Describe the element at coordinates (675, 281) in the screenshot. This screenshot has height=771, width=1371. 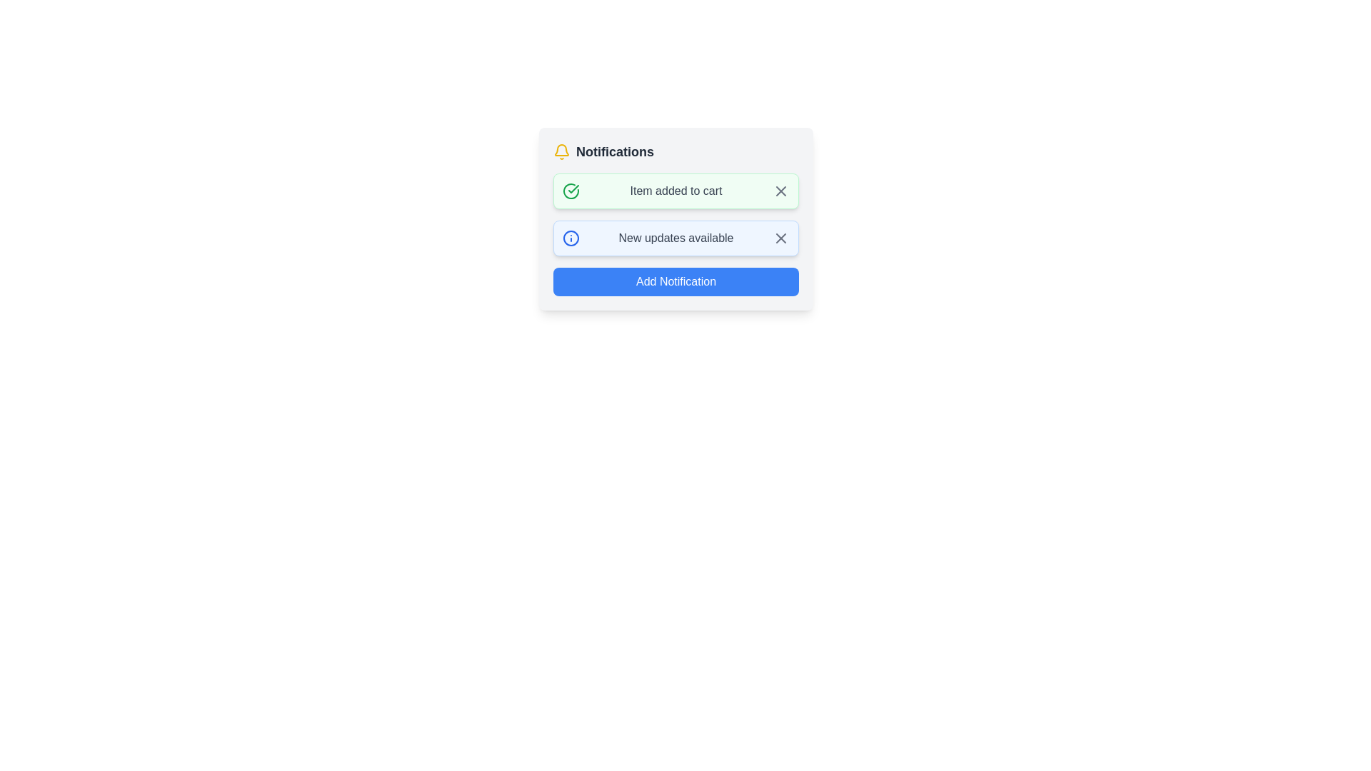
I see `the button located at the bottom of the notifications card` at that location.